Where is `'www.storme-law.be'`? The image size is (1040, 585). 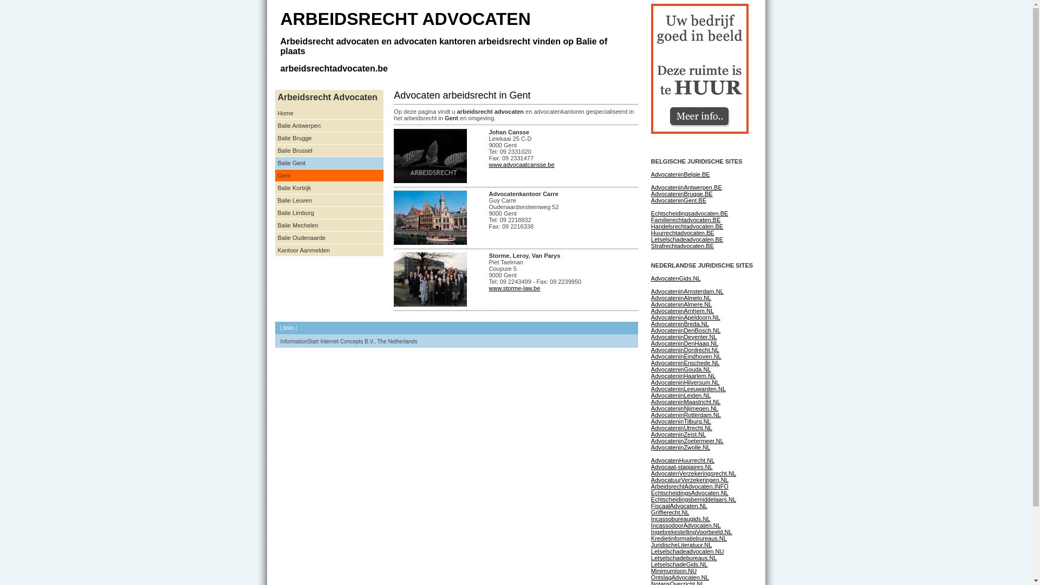
'www.storme-law.be' is located at coordinates (513, 288).